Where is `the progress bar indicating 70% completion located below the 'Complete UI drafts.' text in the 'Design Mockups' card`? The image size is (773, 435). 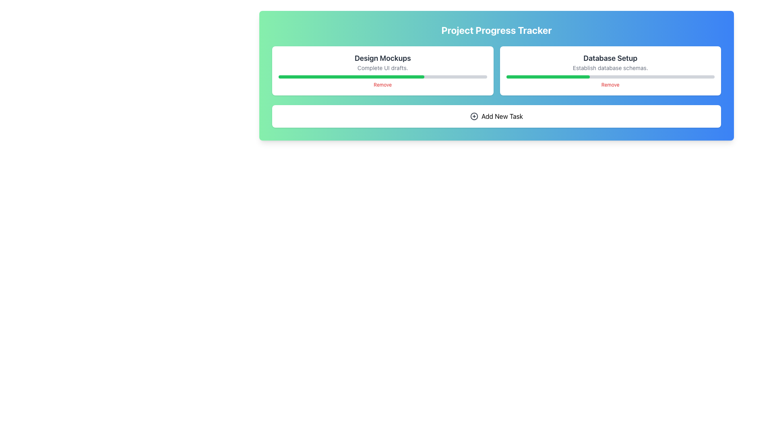 the progress bar indicating 70% completion located below the 'Complete UI drafts.' text in the 'Design Mockups' card is located at coordinates (382, 77).